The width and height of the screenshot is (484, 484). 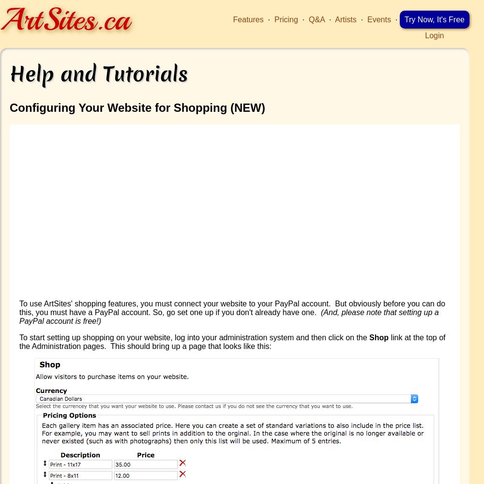 I want to click on 'Help and Tutorials', so click(x=98, y=74).